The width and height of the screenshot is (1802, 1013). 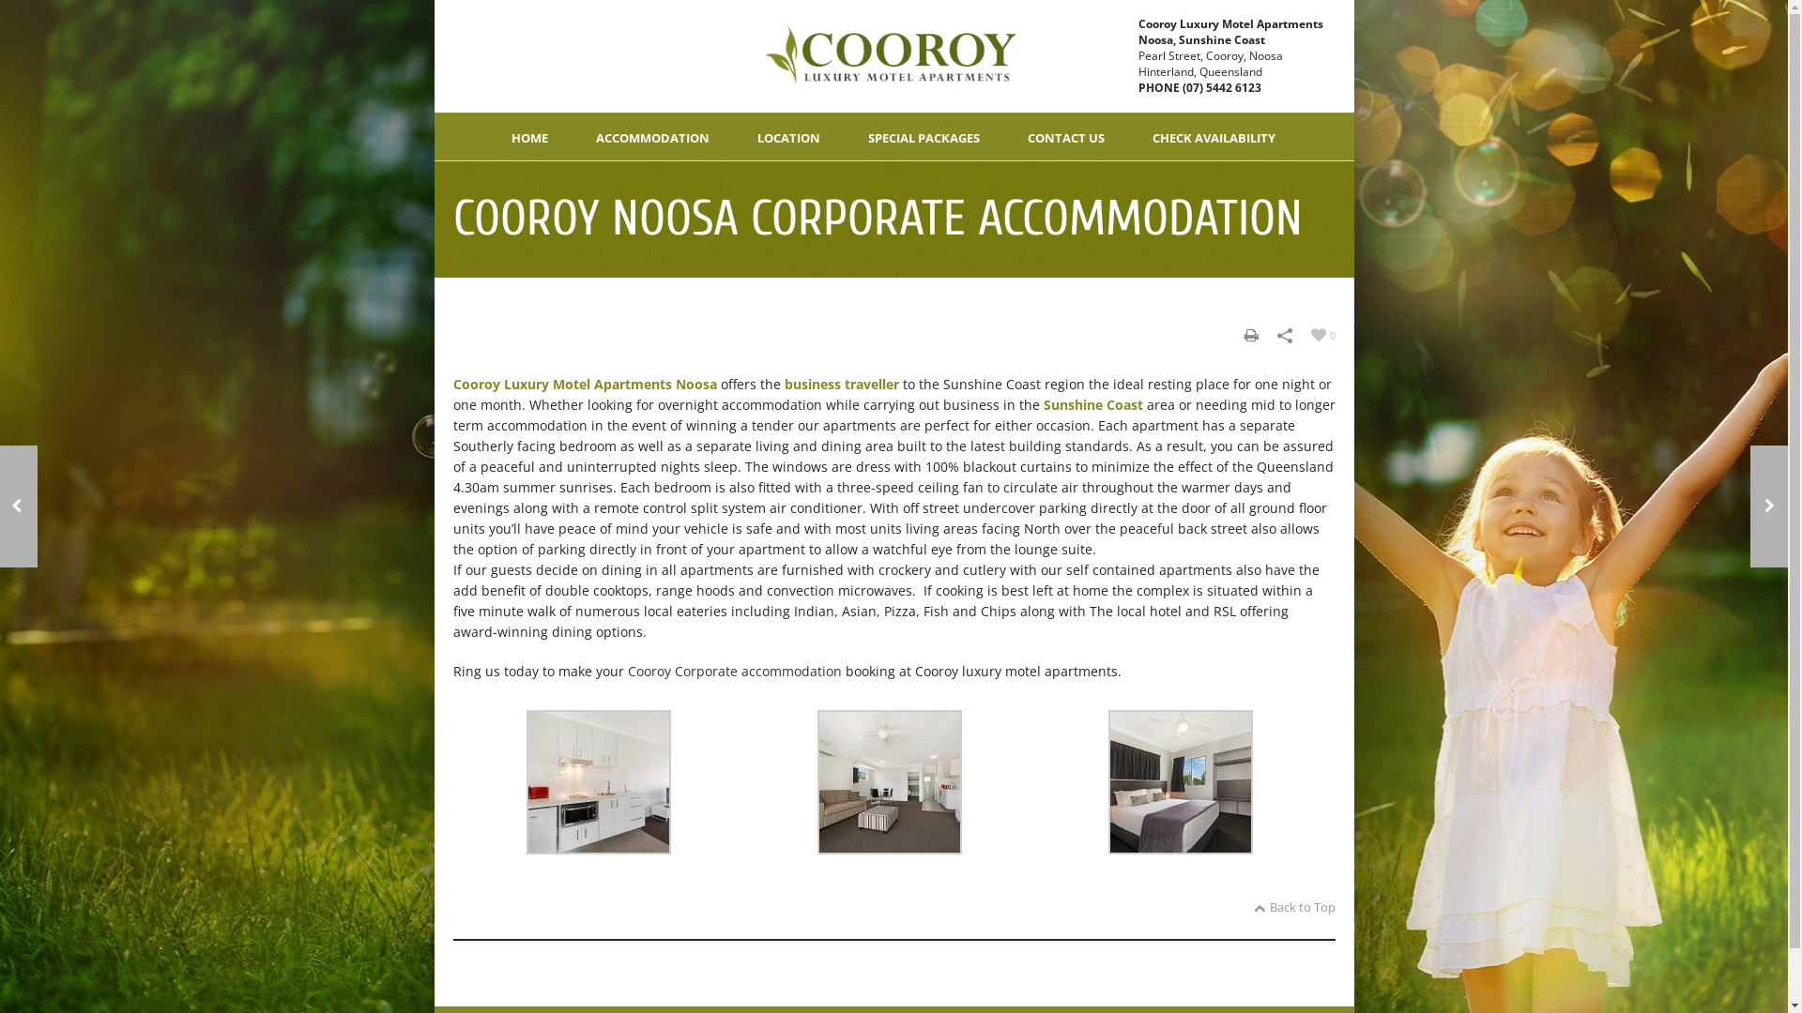 I want to click on 'HOME', so click(x=528, y=136).